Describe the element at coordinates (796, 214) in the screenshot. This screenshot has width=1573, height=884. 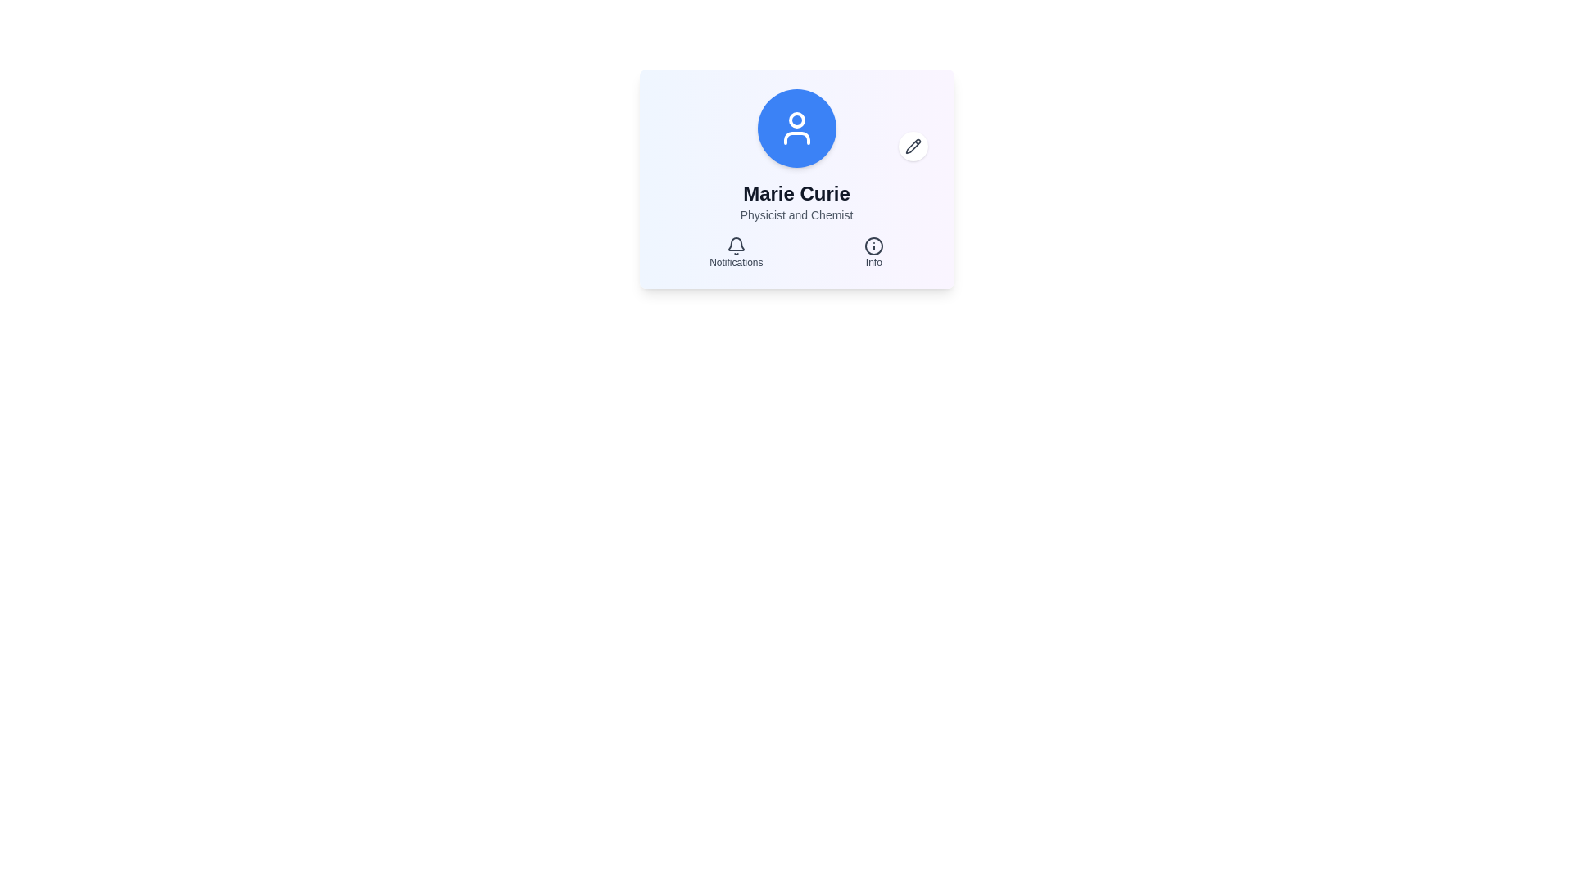
I see `the second line of text styled in a smaller font size and lighter gray color, located directly below 'Marie Curie' on the profile card` at that location.